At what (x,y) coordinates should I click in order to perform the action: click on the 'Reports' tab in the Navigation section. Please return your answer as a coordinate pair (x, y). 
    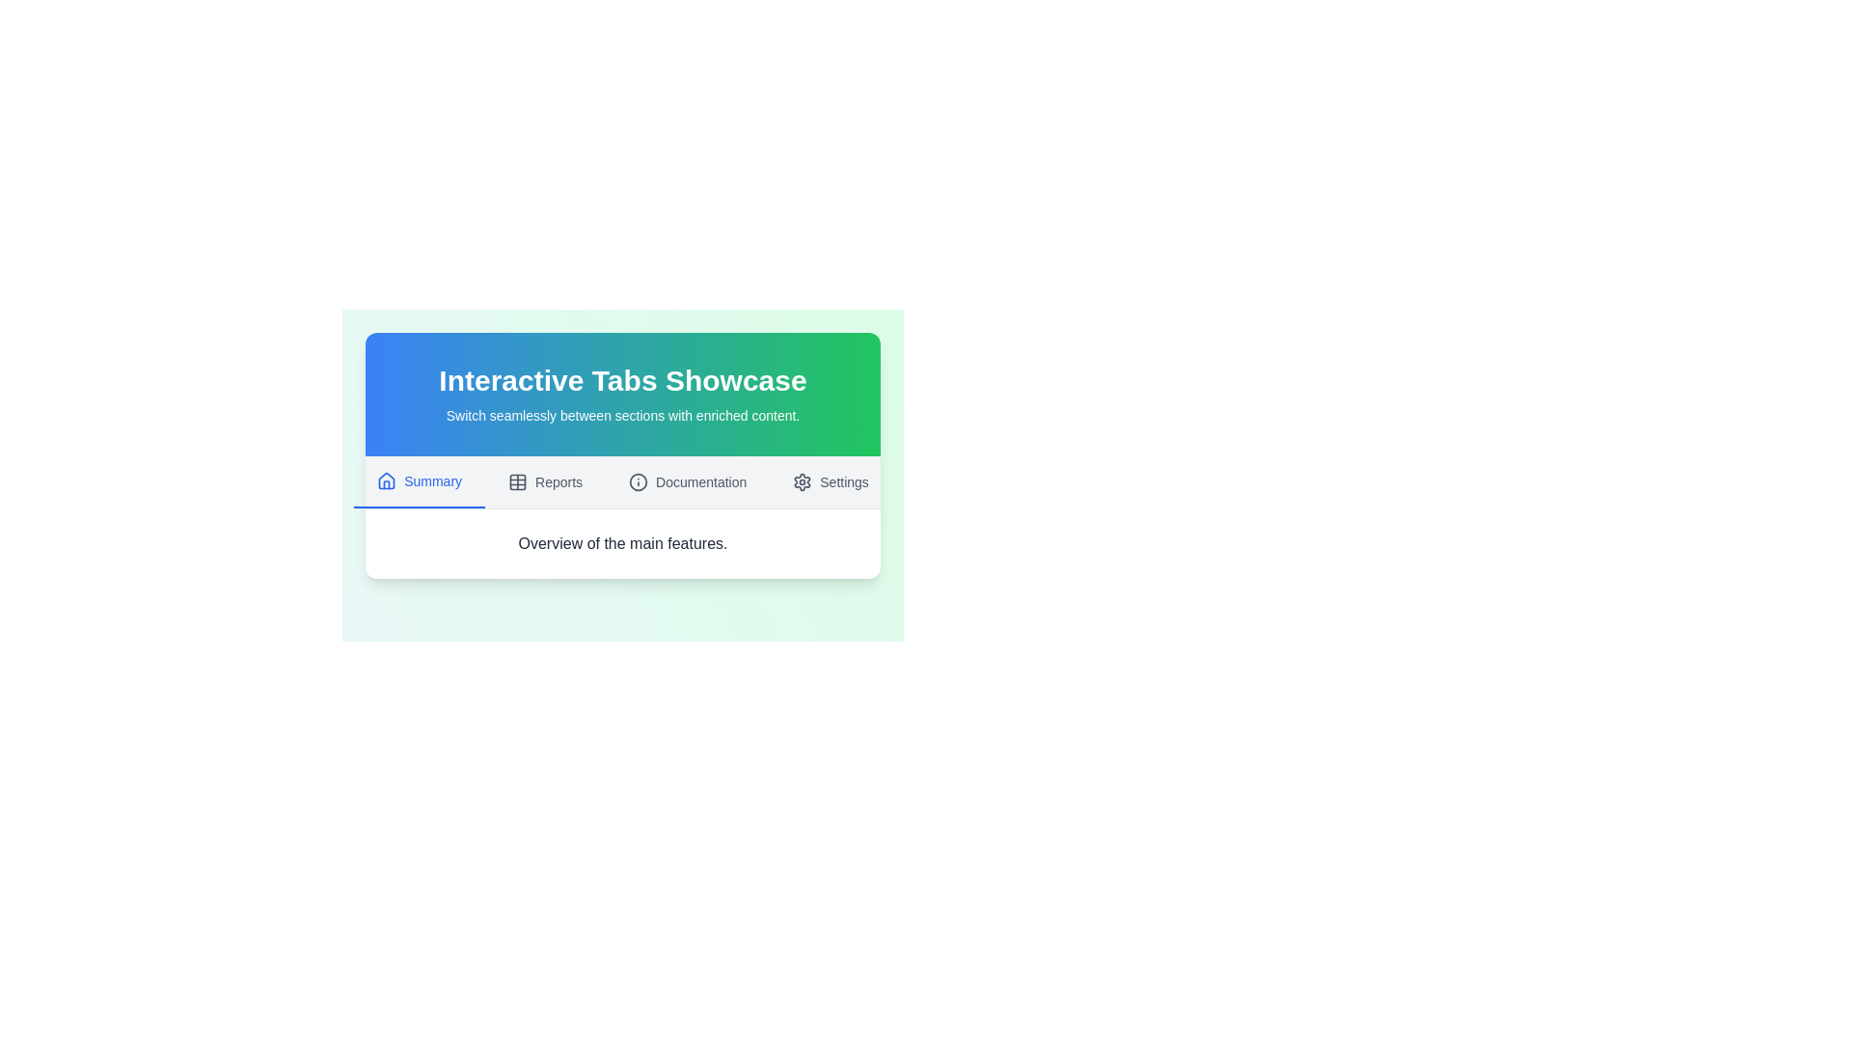
    Looking at the image, I should click on (544, 481).